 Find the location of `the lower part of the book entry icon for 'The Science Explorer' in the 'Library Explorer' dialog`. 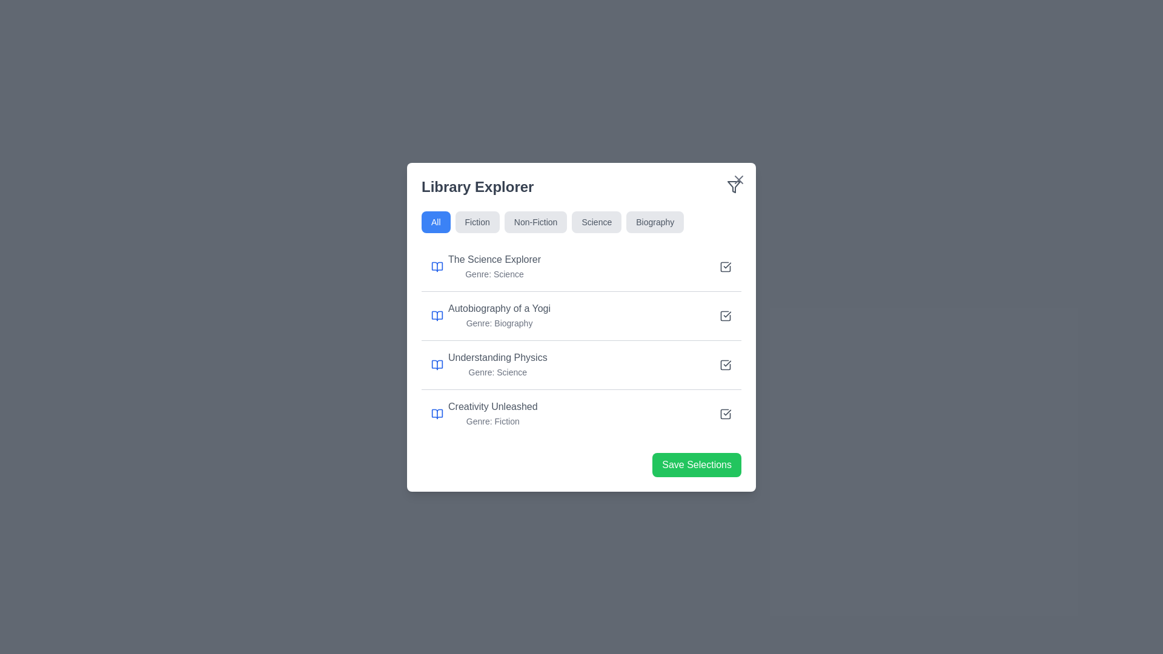

the lower part of the book entry icon for 'The Science Explorer' in the 'Library Explorer' dialog is located at coordinates (436, 266).